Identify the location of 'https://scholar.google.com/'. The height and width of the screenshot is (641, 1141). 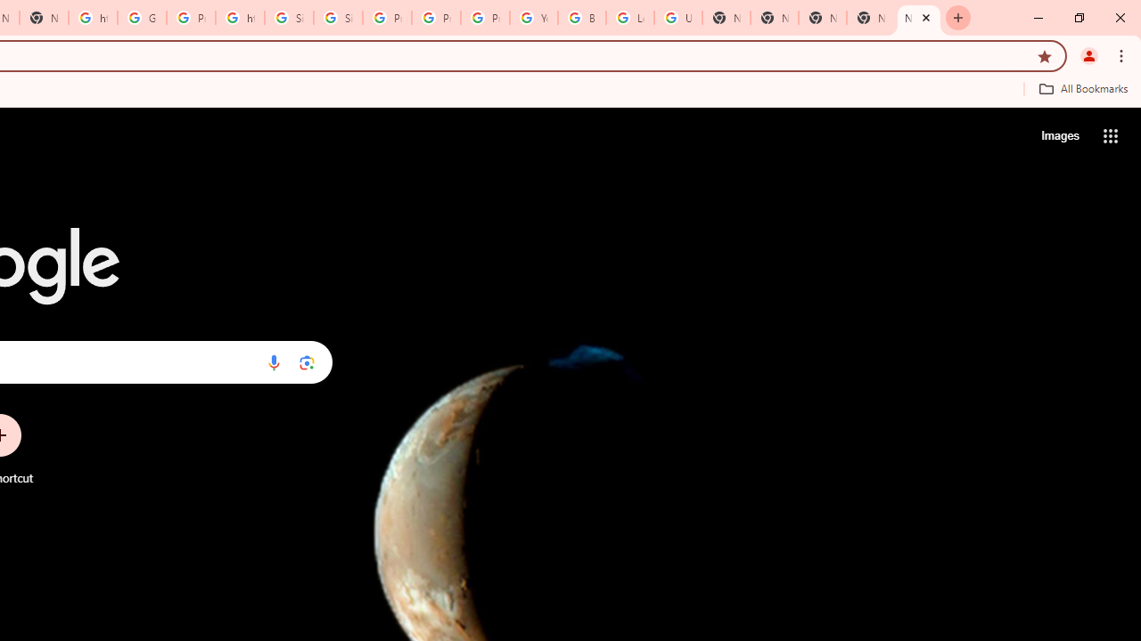
(239, 18).